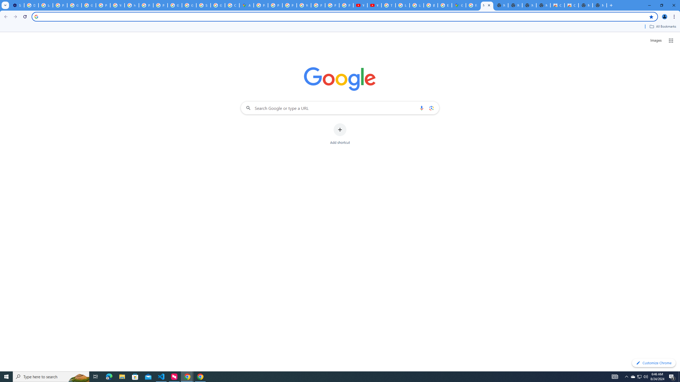 This screenshot has height=382, width=680. Describe the element at coordinates (31, 5) in the screenshot. I see `'Delete photos & videos - Computer - Google Photos Help'` at that location.